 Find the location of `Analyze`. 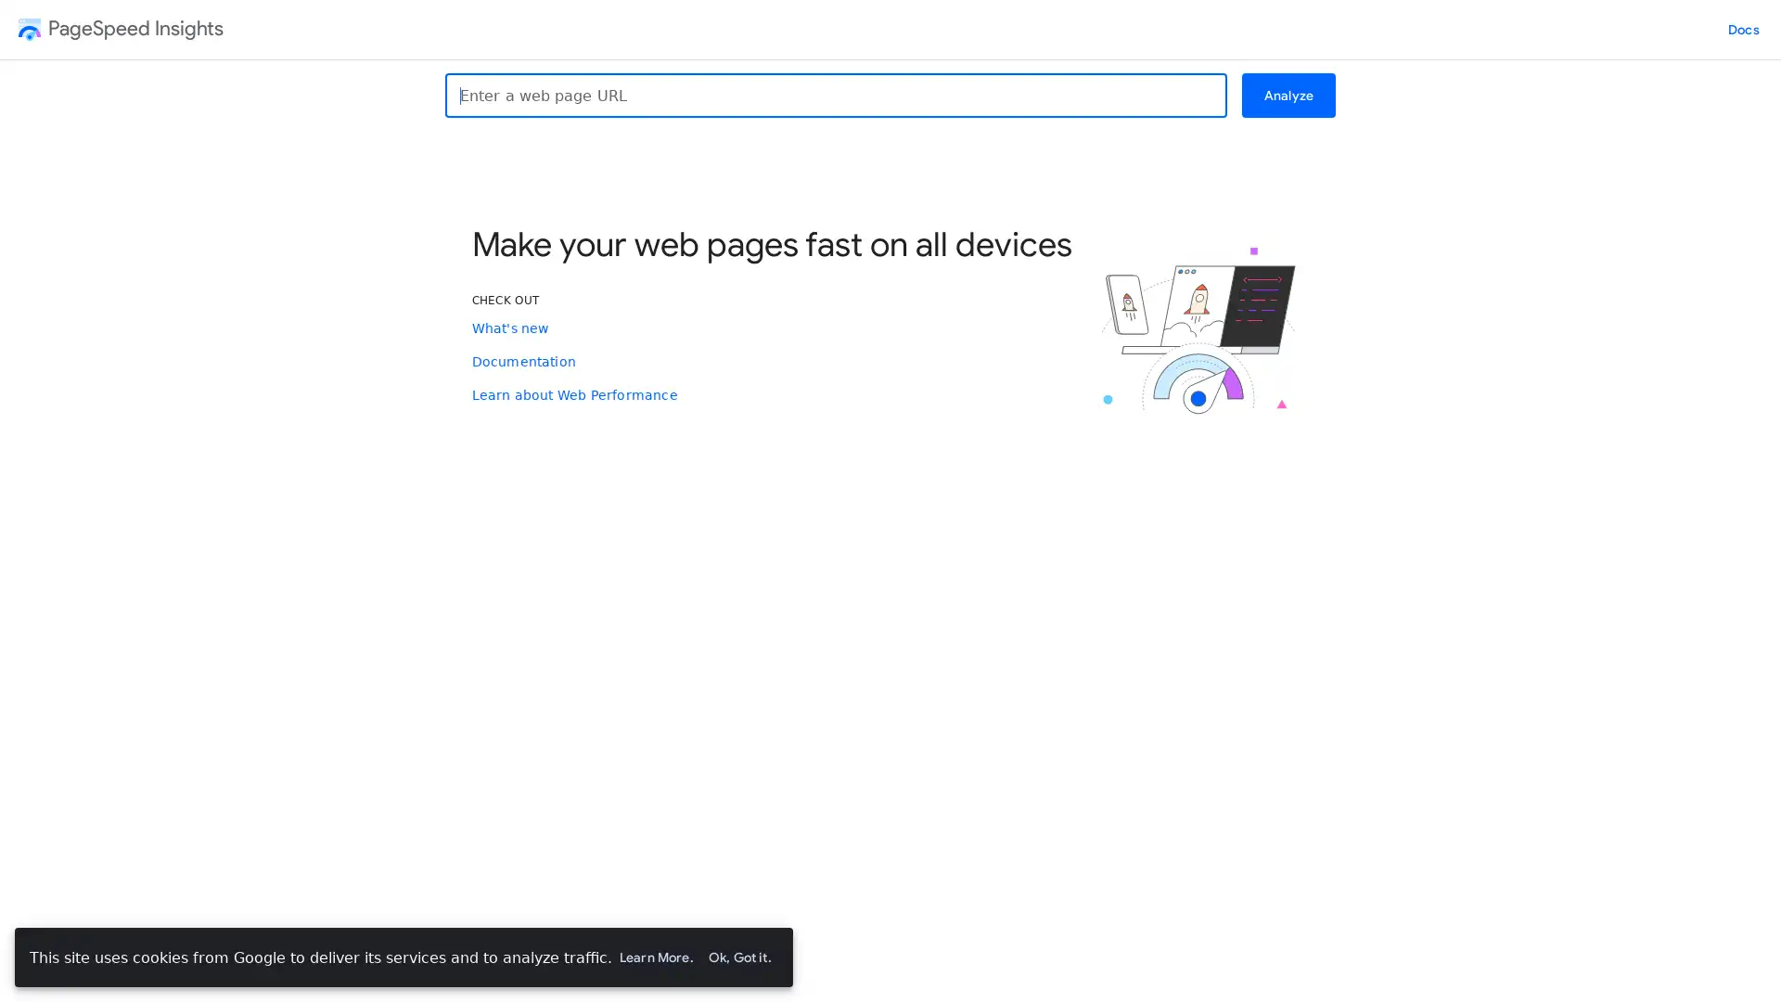

Analyze is located at coordinates (1287, 96).